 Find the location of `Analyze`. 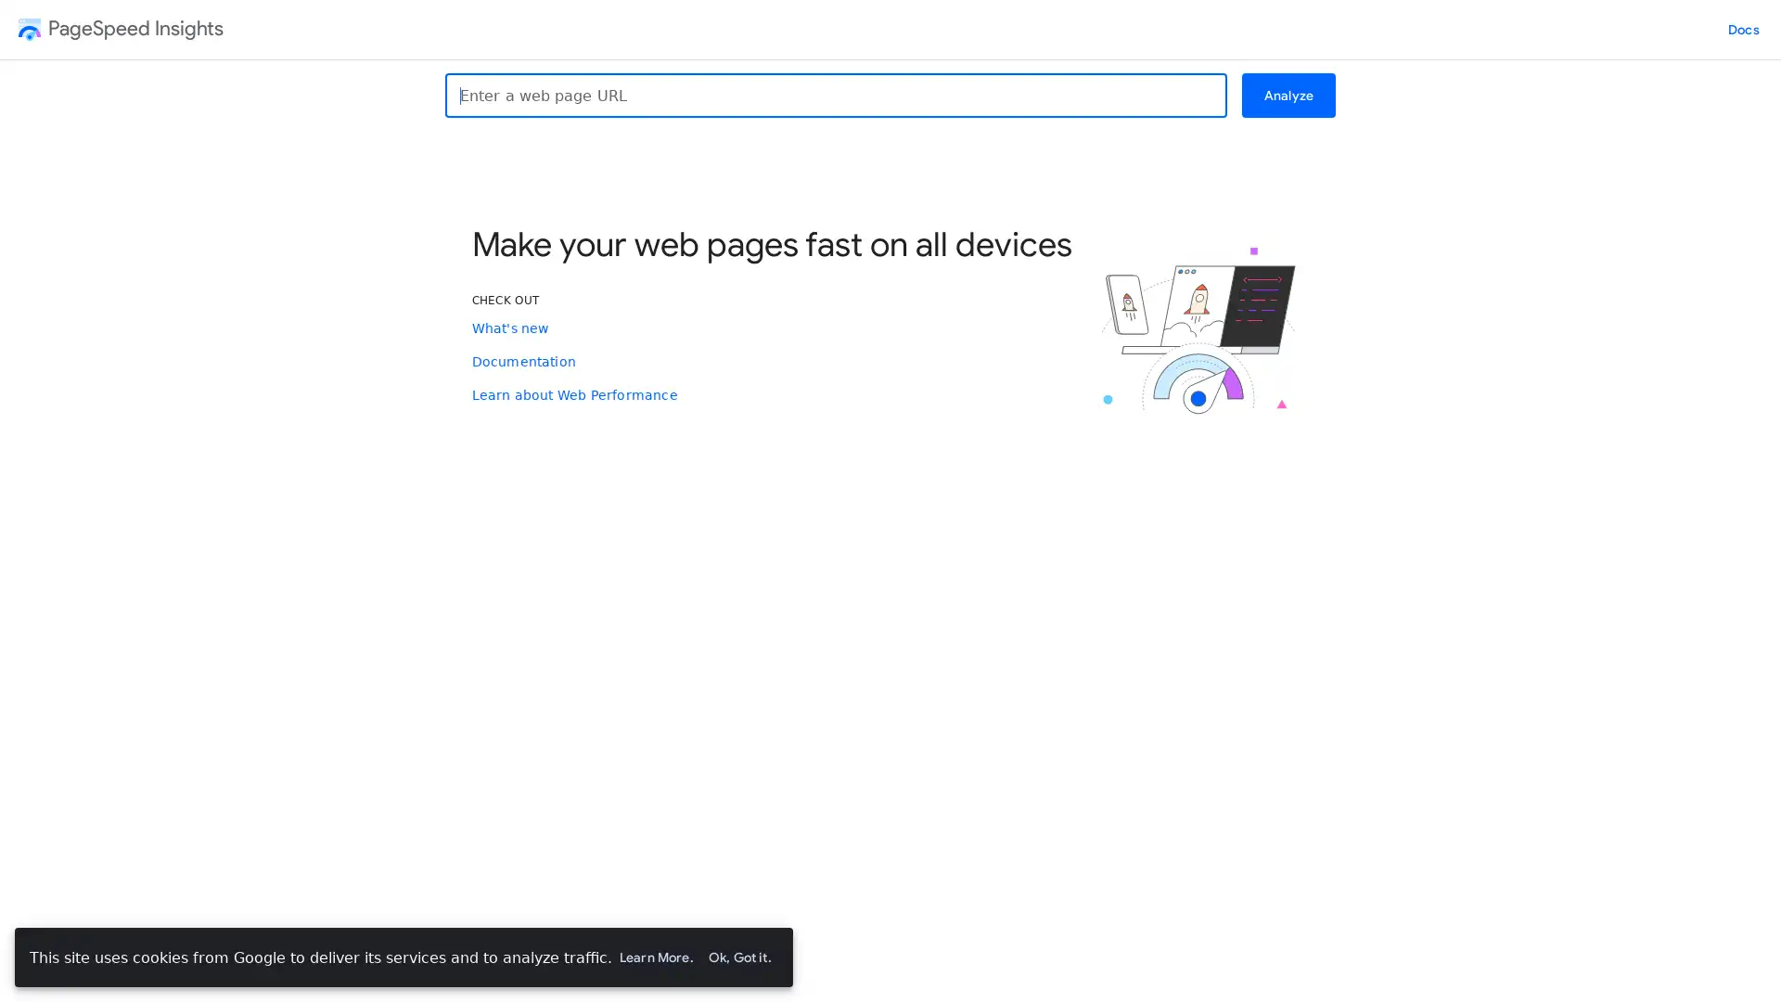

Analyze is located at coordinates (1287, 96).